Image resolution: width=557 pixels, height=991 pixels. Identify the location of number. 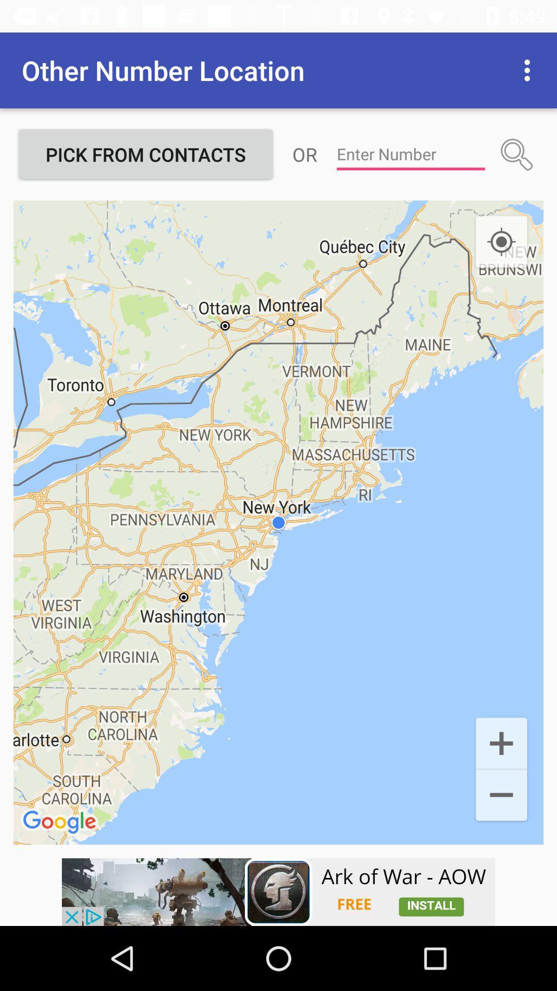
(410, 154).